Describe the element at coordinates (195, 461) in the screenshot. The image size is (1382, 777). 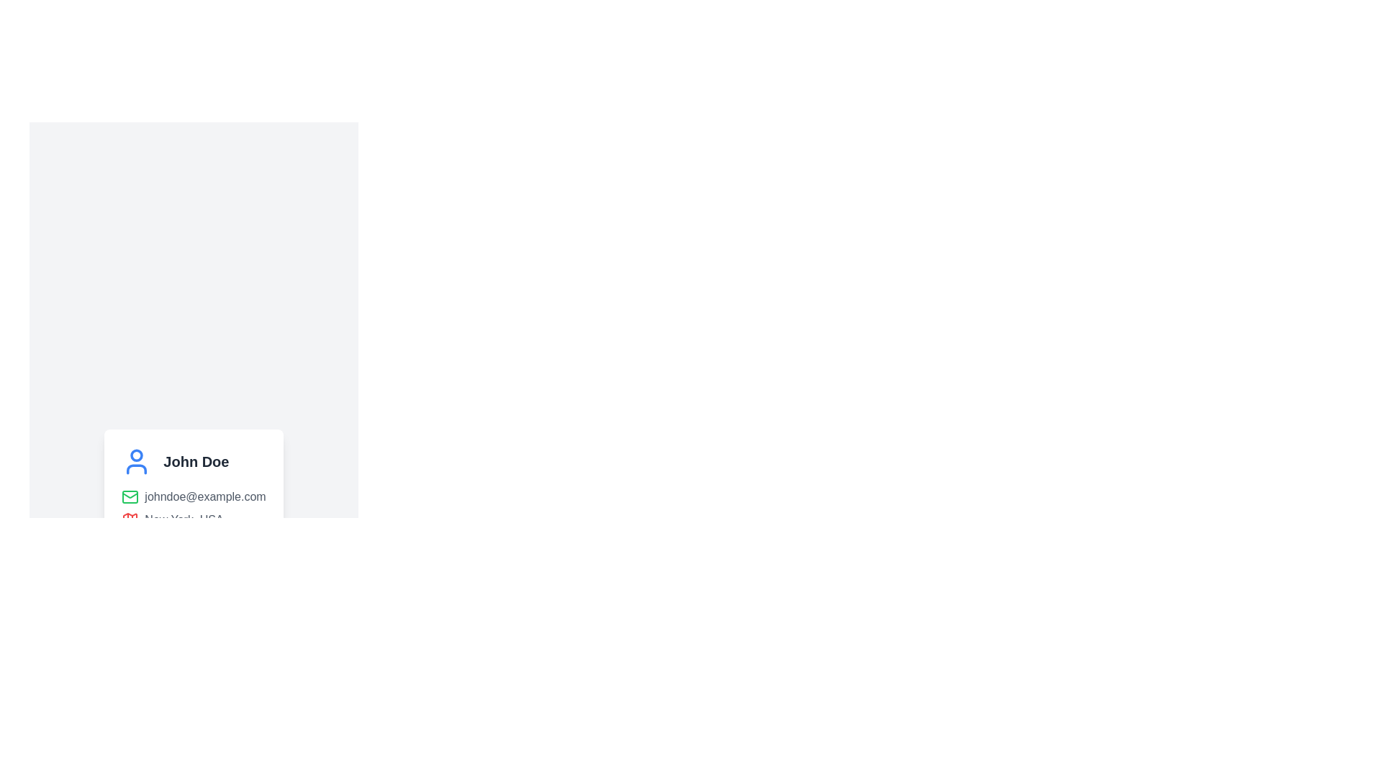
I see `the text label displaying the name 'John Doe', which is positioned to the right of a blue user profile icon in a horizontal layout at the top-left of the card-like component` at that location.